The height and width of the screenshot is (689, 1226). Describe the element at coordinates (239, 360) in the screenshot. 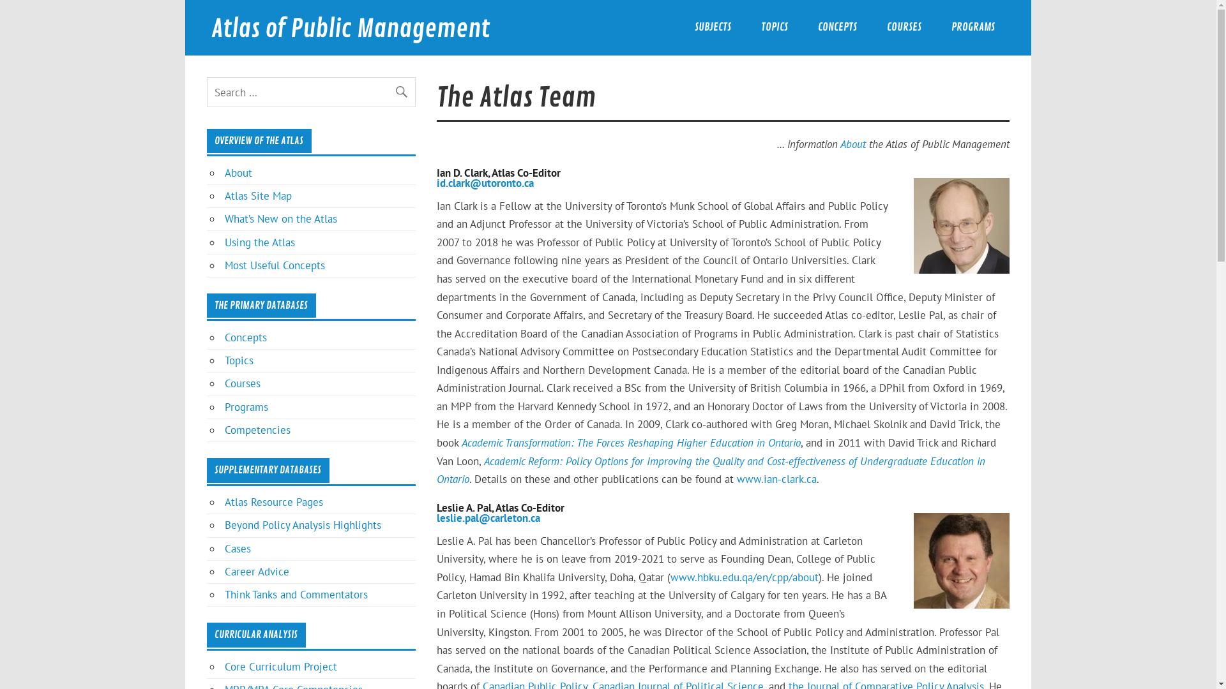

I see `'Topics'` at that location.